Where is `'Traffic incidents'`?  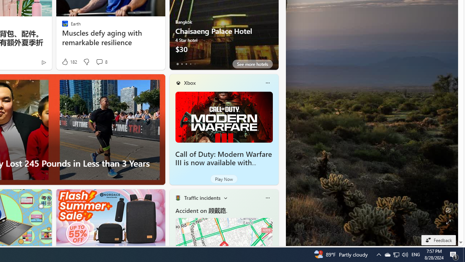 'Traffic incidents' is located at coordinates (202, 198).